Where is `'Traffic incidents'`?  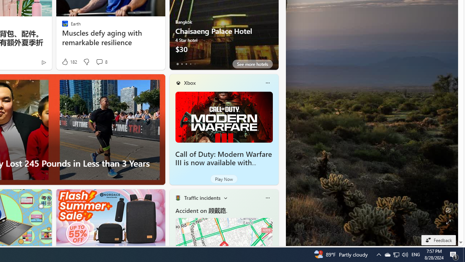 'Traffic incidents' is located at coordinates (202, 198).